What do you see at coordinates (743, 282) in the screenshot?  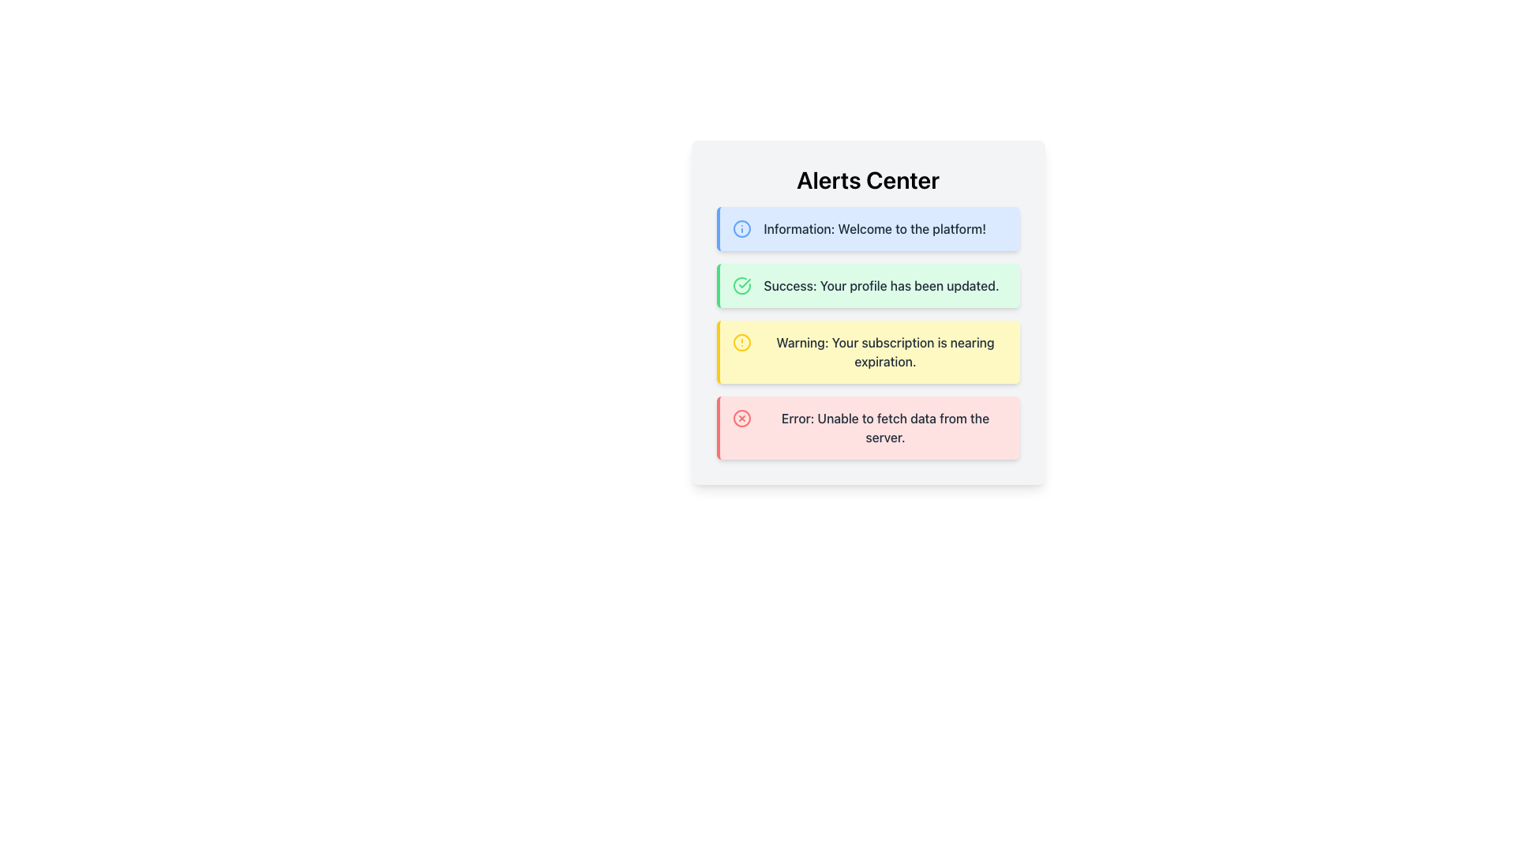 I see `the success icon, which is a smaller checkmark inside a circular icon located on the left of the 'Success: Your profile has been updated.' notification, the second item in the alerts list` at bounding box center [743, 282].